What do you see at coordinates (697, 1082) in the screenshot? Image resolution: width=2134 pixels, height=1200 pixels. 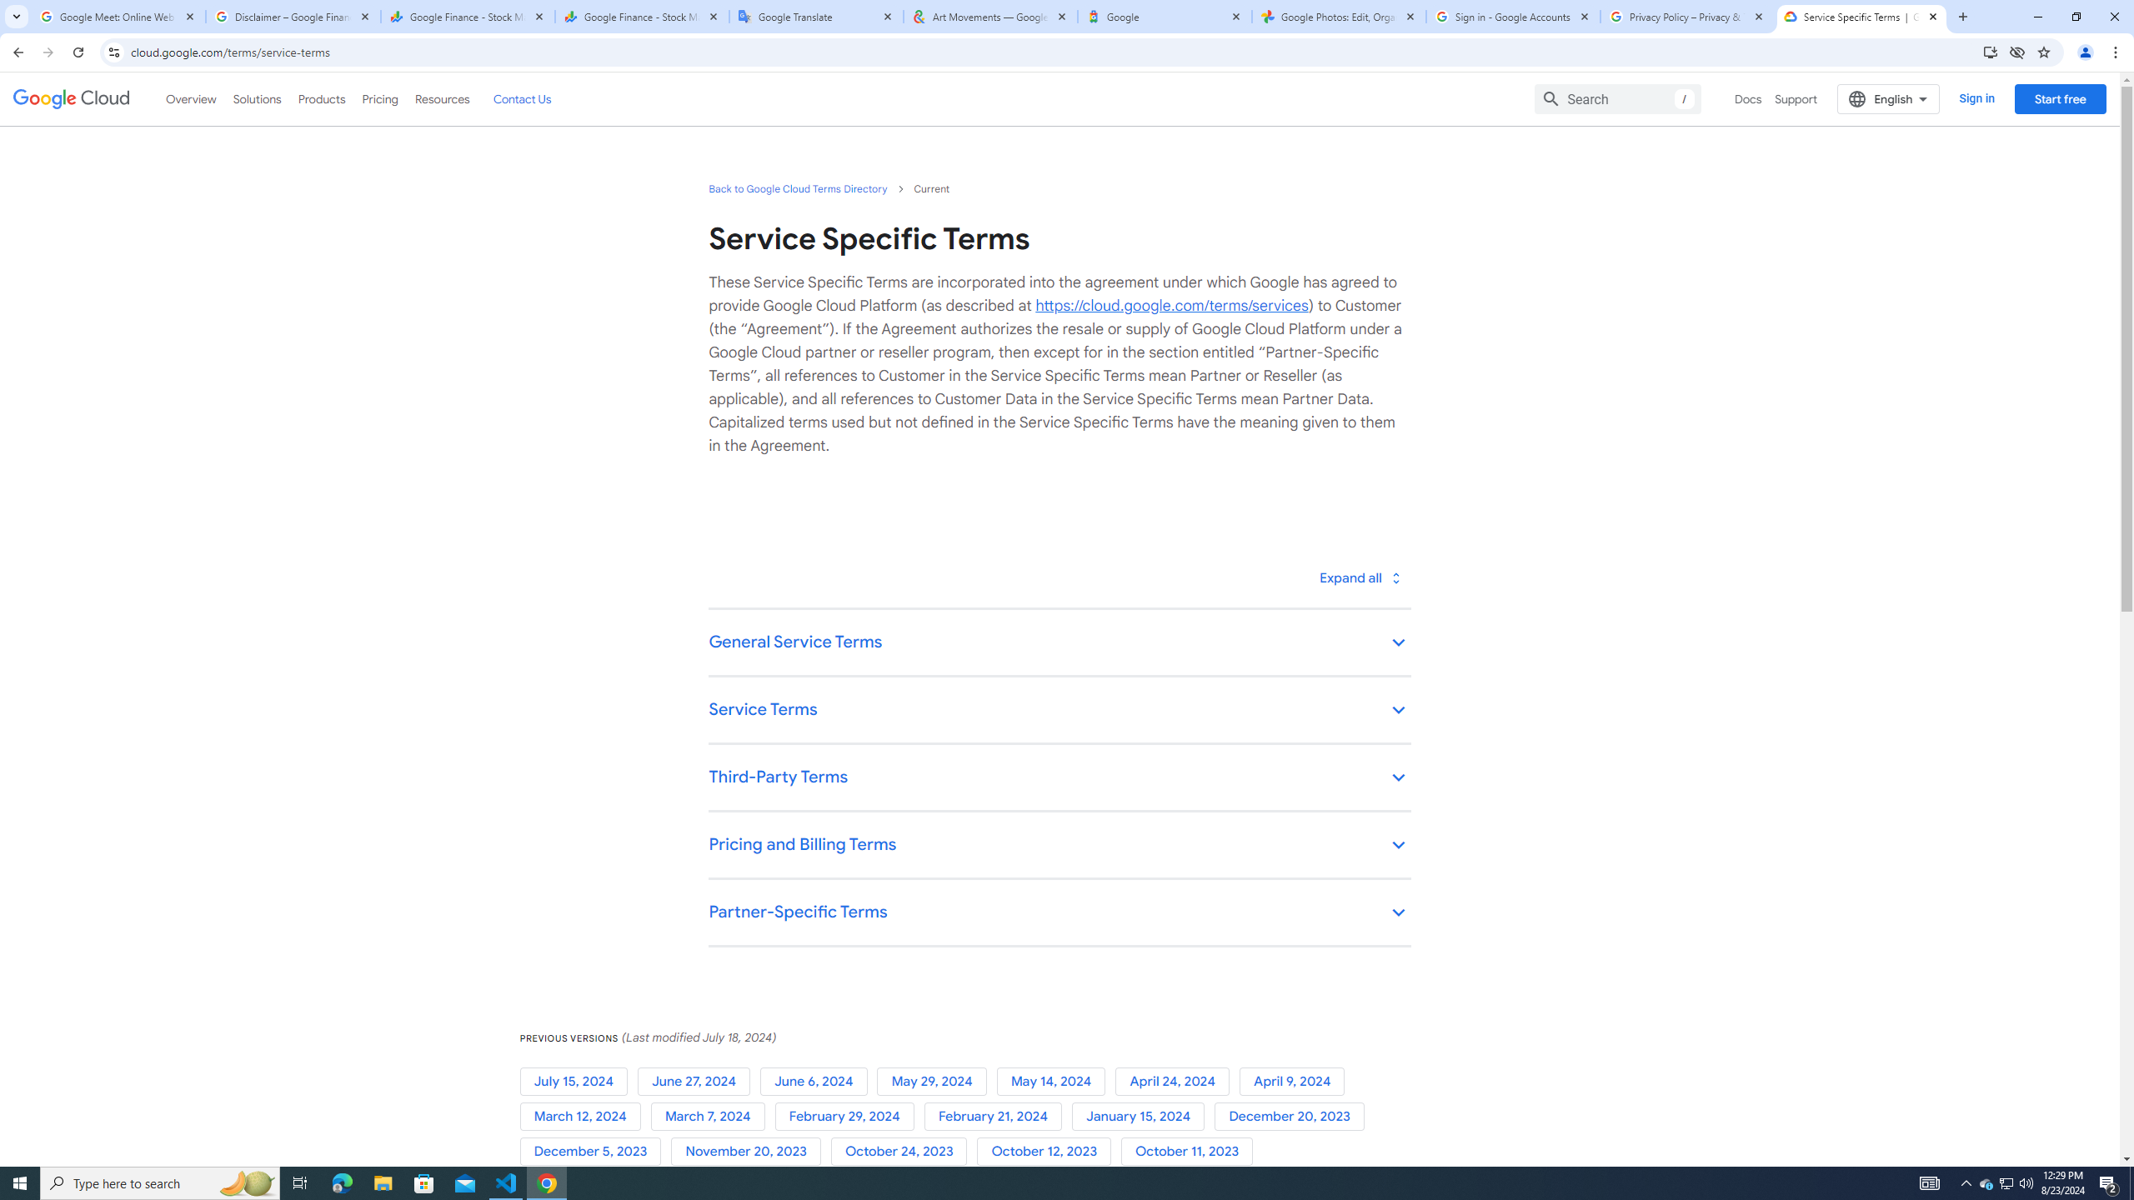 I see `'June 27, 2024'` at bounding box center [697, 1082].